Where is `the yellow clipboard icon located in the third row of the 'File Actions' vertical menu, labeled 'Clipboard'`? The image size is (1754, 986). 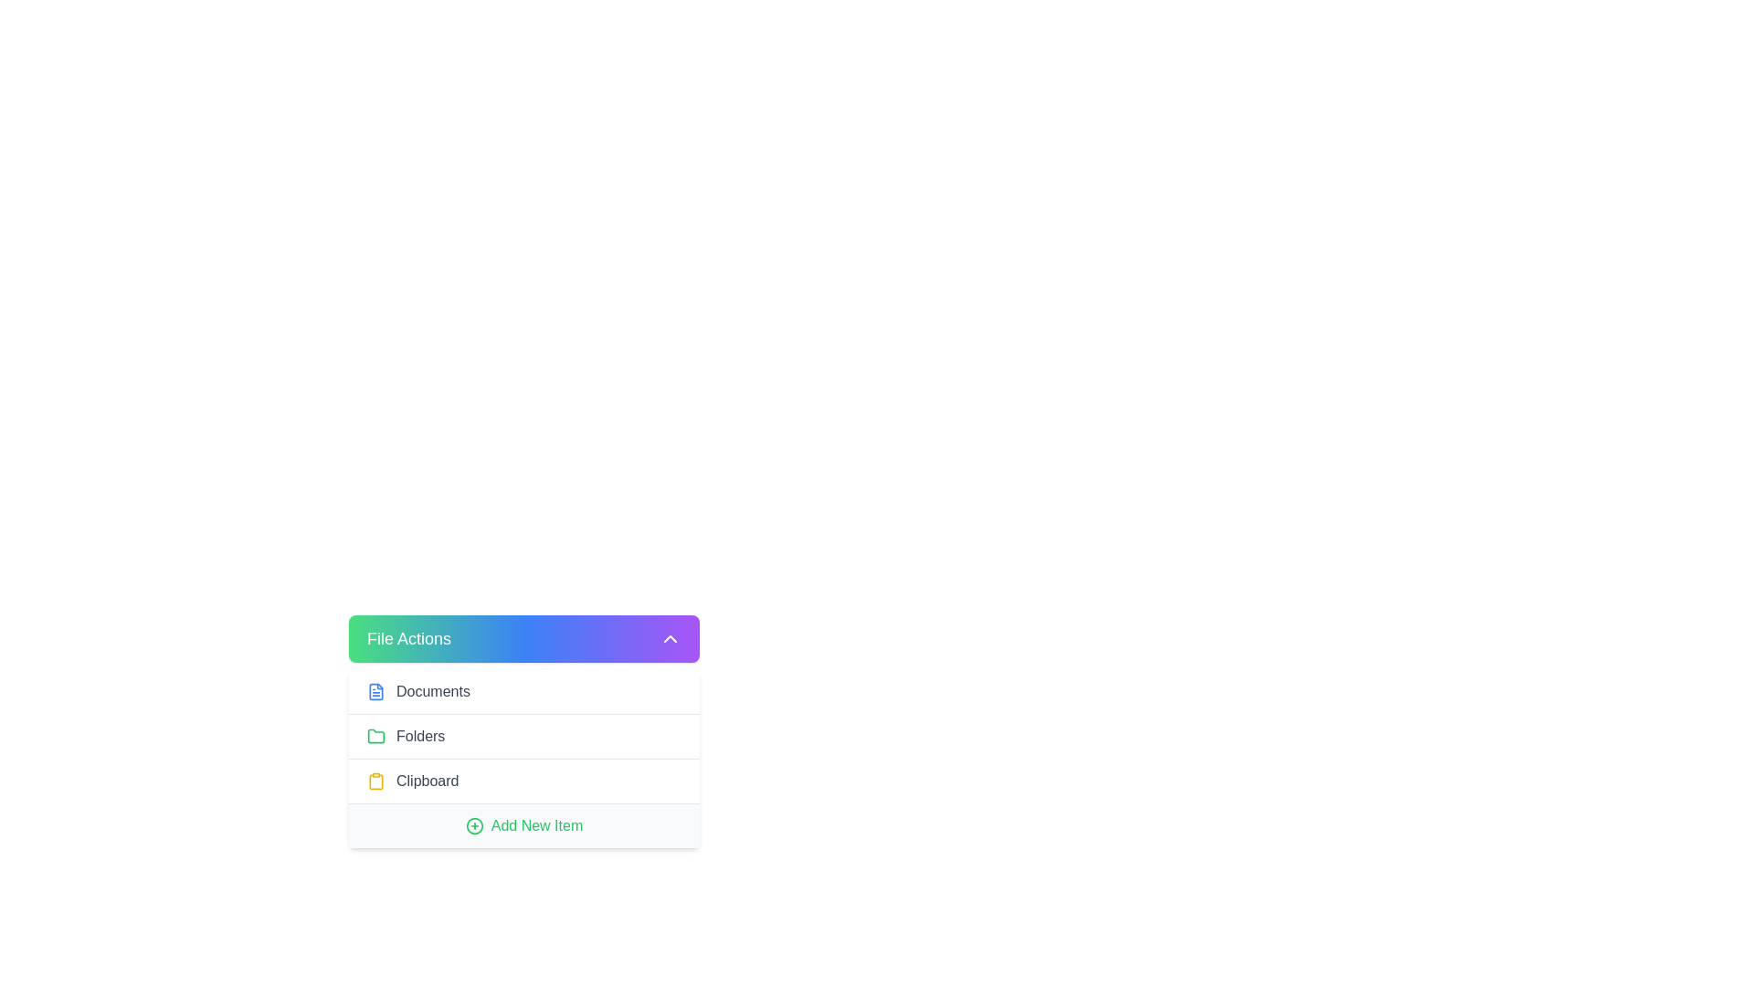
the yellow clipboard icon located in the third row of the 'File Actions' vertical menu, labeled 'Clipboard' is located at coordinates (375, 781).